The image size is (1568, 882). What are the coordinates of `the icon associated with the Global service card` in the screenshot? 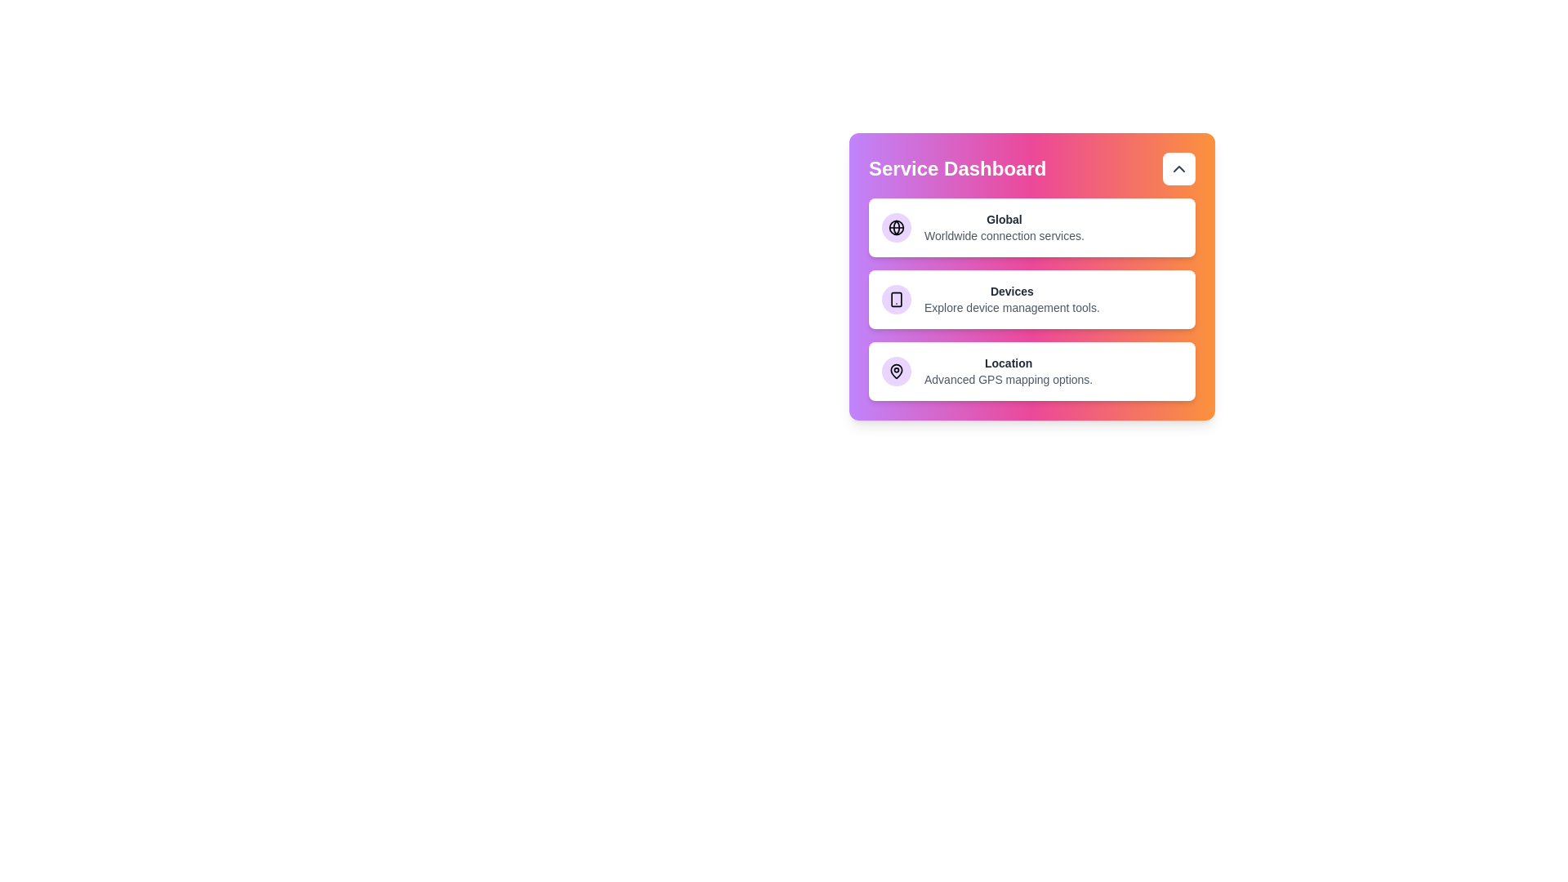 It's located at (896, 227).